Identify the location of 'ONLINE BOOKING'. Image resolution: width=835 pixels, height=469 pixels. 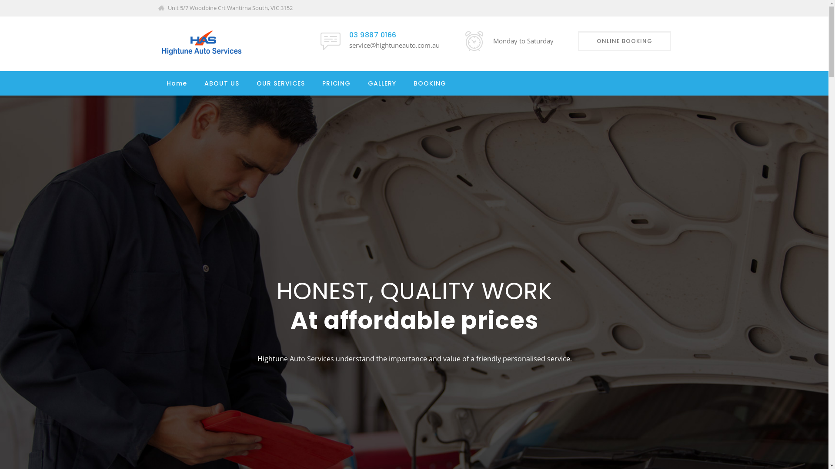
(624, 41).